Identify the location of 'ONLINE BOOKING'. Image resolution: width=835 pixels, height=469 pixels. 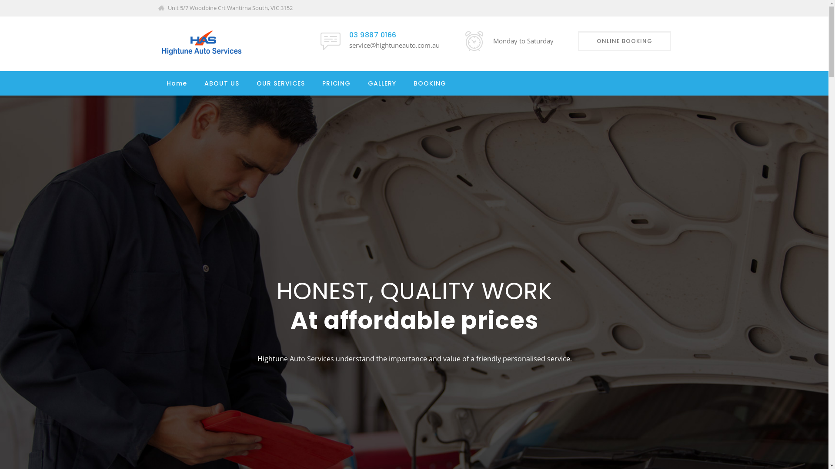
(624, 41).